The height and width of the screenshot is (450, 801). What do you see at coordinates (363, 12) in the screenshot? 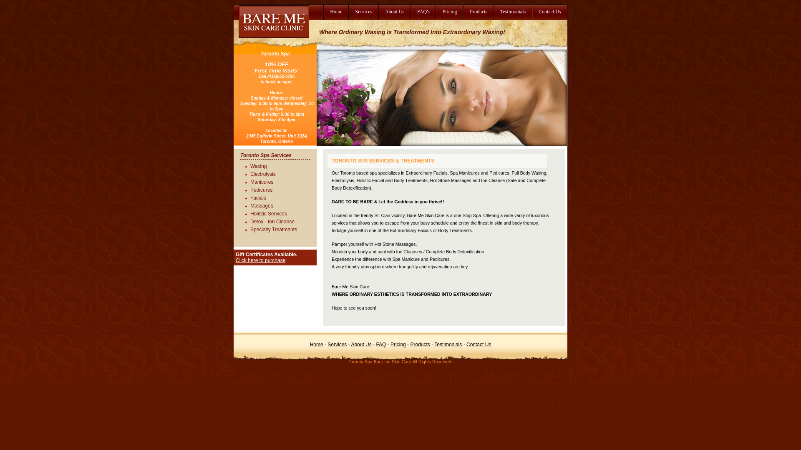
I see `'Services'` at bounding box center [363, 12].